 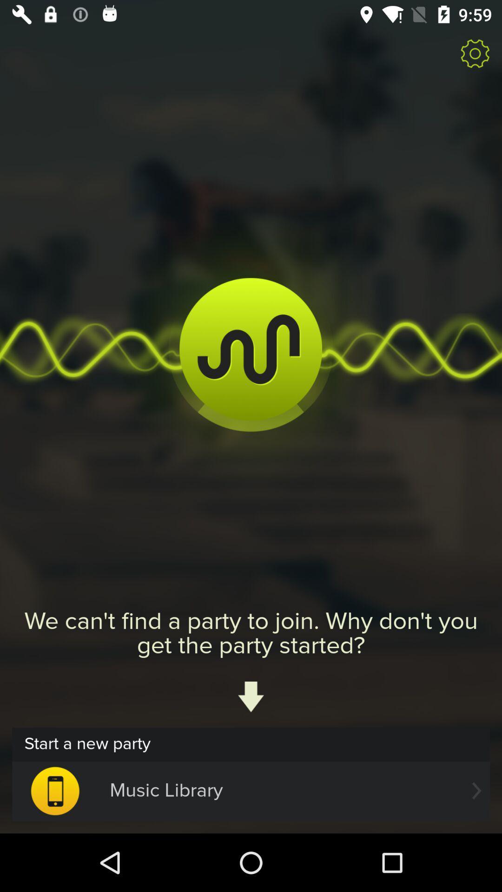 I want to click on music library which is at bottom of the page, so click(x=251, y=790).